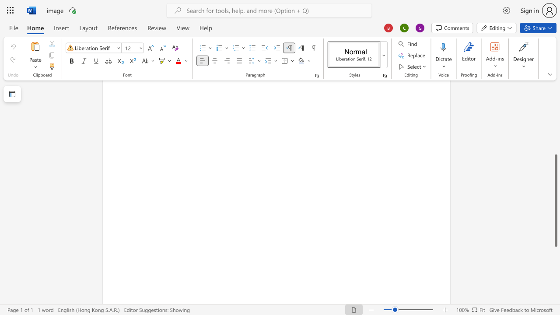 The height and width of the screenshot is (315, 560). I want to click on the vertical scrollbar to raise the page content, so click(555, 96).